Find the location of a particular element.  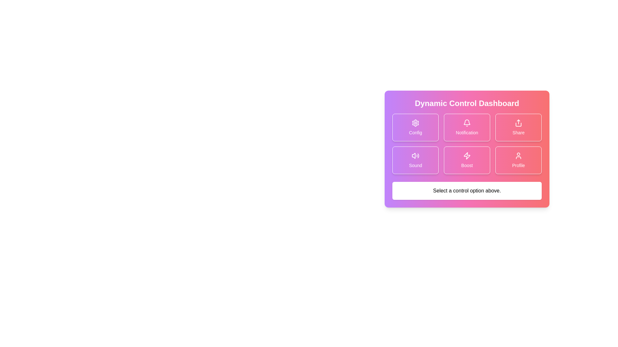

the white lightning bolt icon within the pink square that symbolizes the 'Boost' action, located in the second row and second column of the grid in the 'Dynamic Control Dashboard' is located at coordinates (467, 156).